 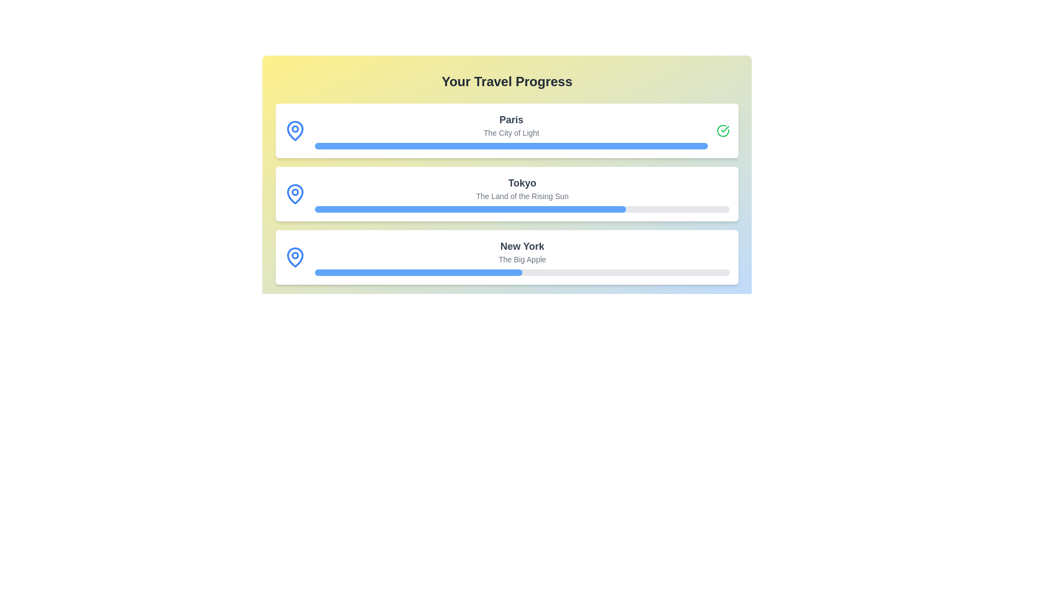 I want to click on the blue map pin icon located prominently to the left of the text 'Paris' and 'The City of Light', so click(x=295, y=130).